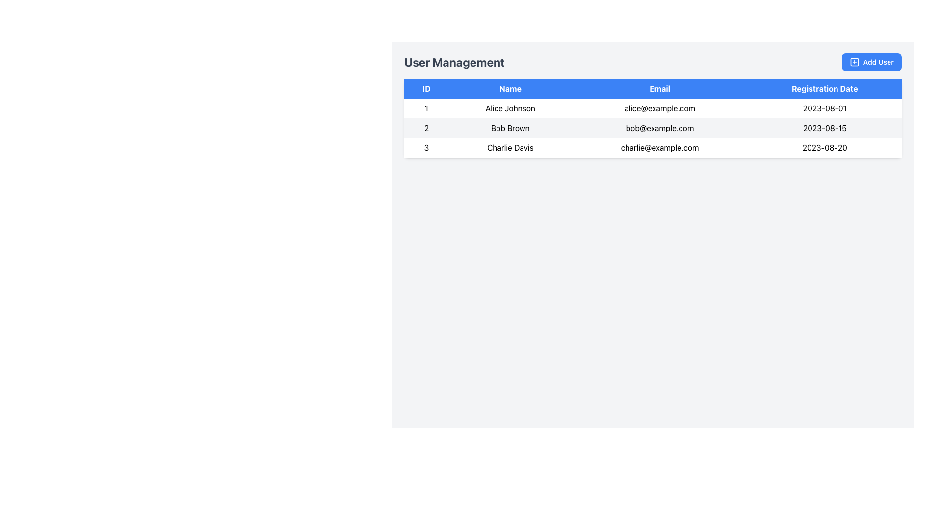 The image size is (942, 530). I want to click on the numeral '2' displayed in black text, located in the first cell of the second row under the 'ID' column of a table, so click(426, 128).